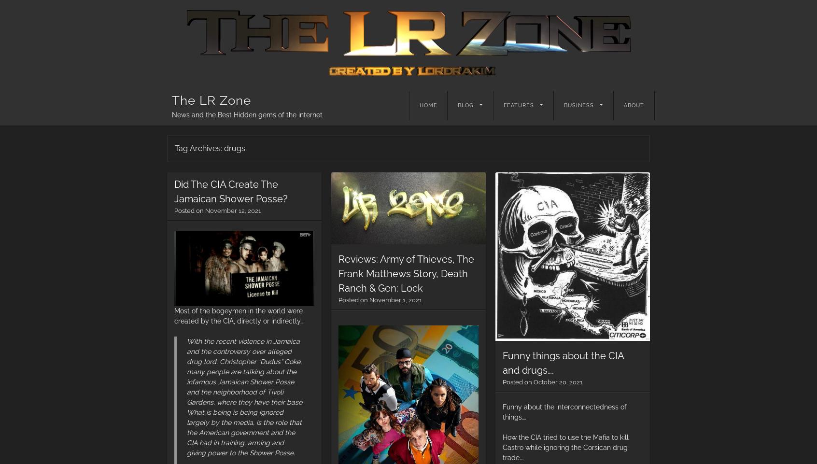 The width and height of the screenshot is (817, 464). What do you see at coordinates (563, 362) in the screenshot?
I see `'Funny things about the CIA and drugs….'` at bounding box center [563, 362].